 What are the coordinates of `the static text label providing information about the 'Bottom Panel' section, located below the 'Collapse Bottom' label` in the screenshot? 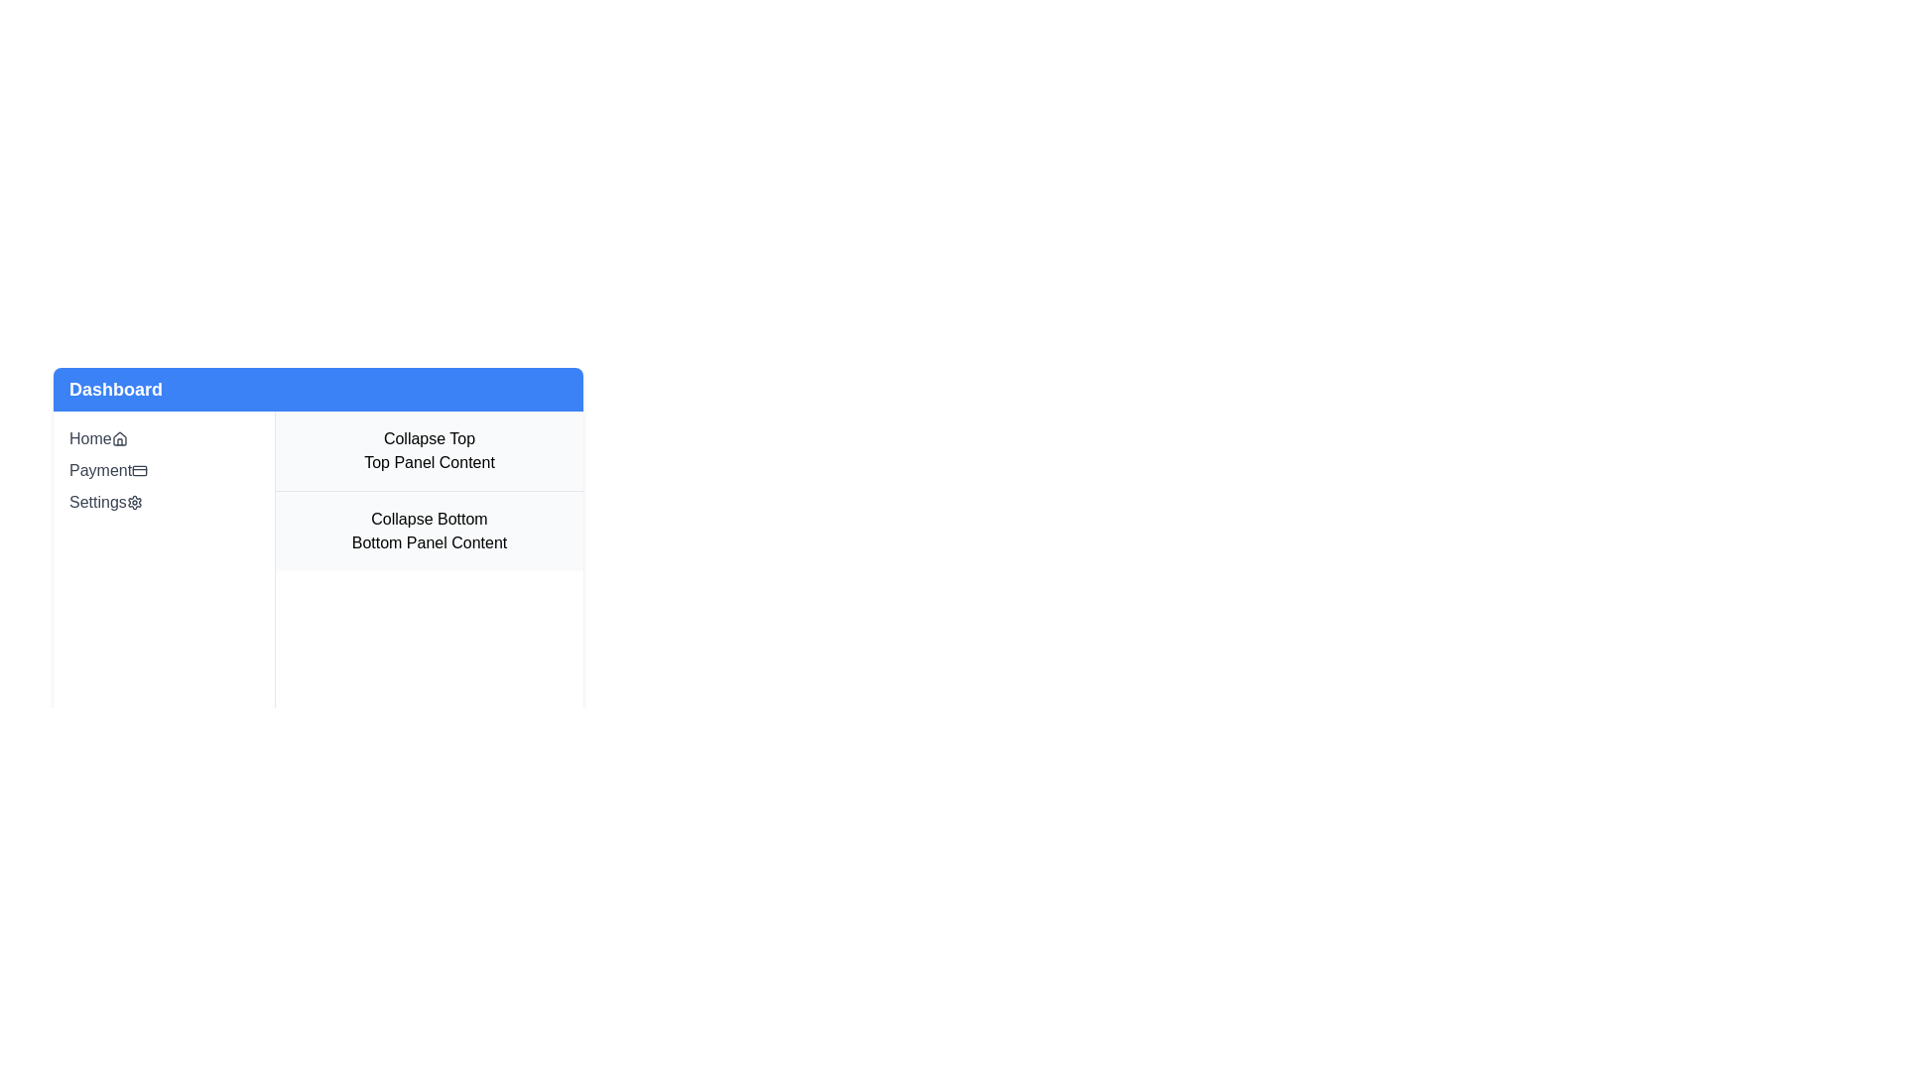 It's located at (428, 542).